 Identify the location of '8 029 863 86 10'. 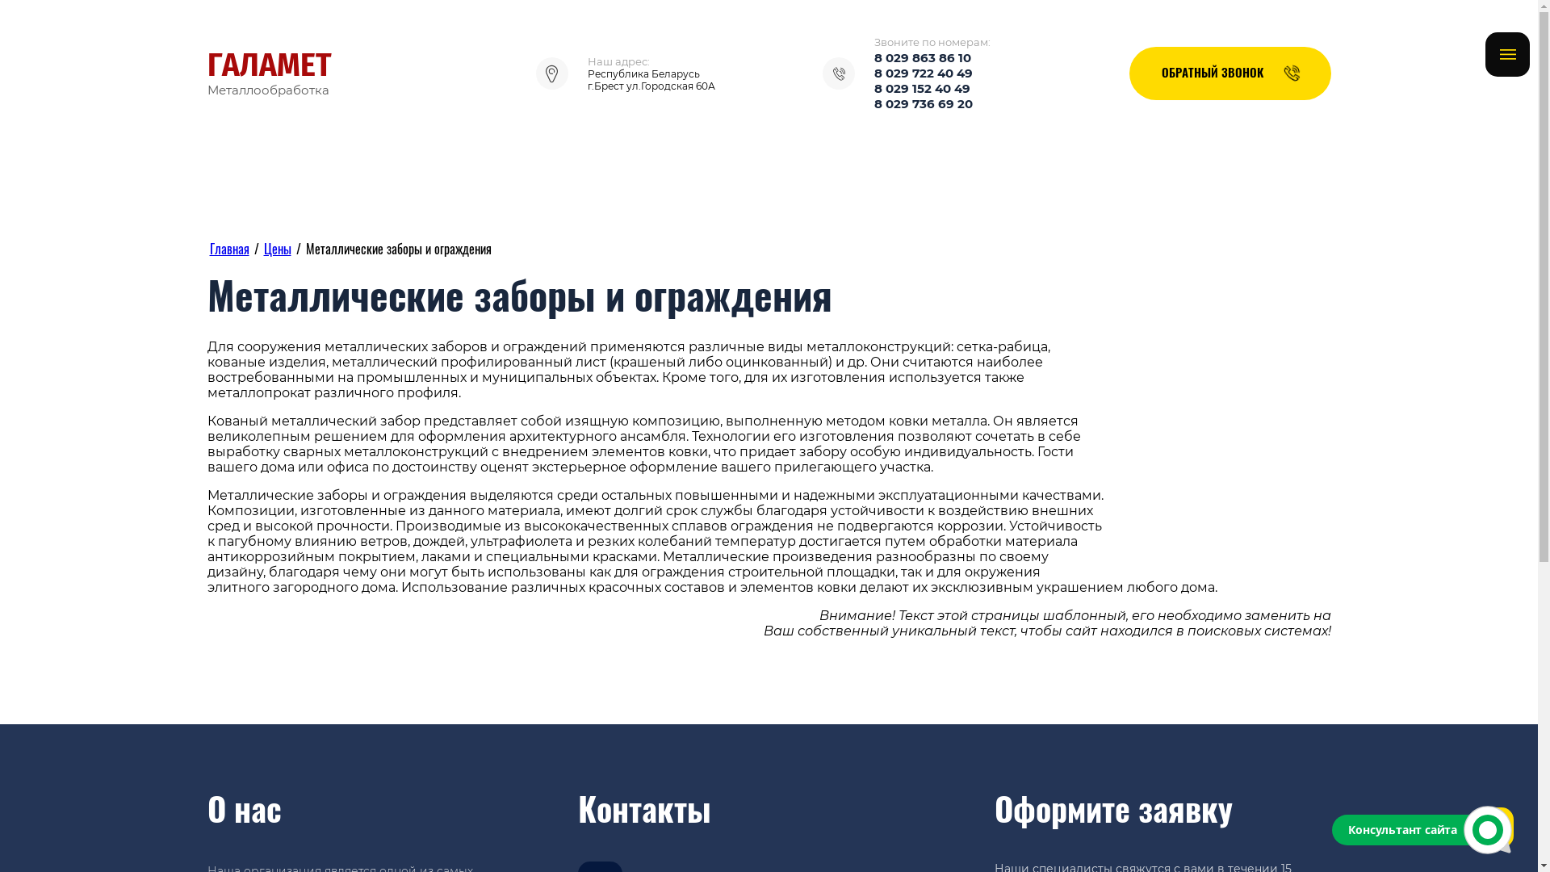
(922, 57).